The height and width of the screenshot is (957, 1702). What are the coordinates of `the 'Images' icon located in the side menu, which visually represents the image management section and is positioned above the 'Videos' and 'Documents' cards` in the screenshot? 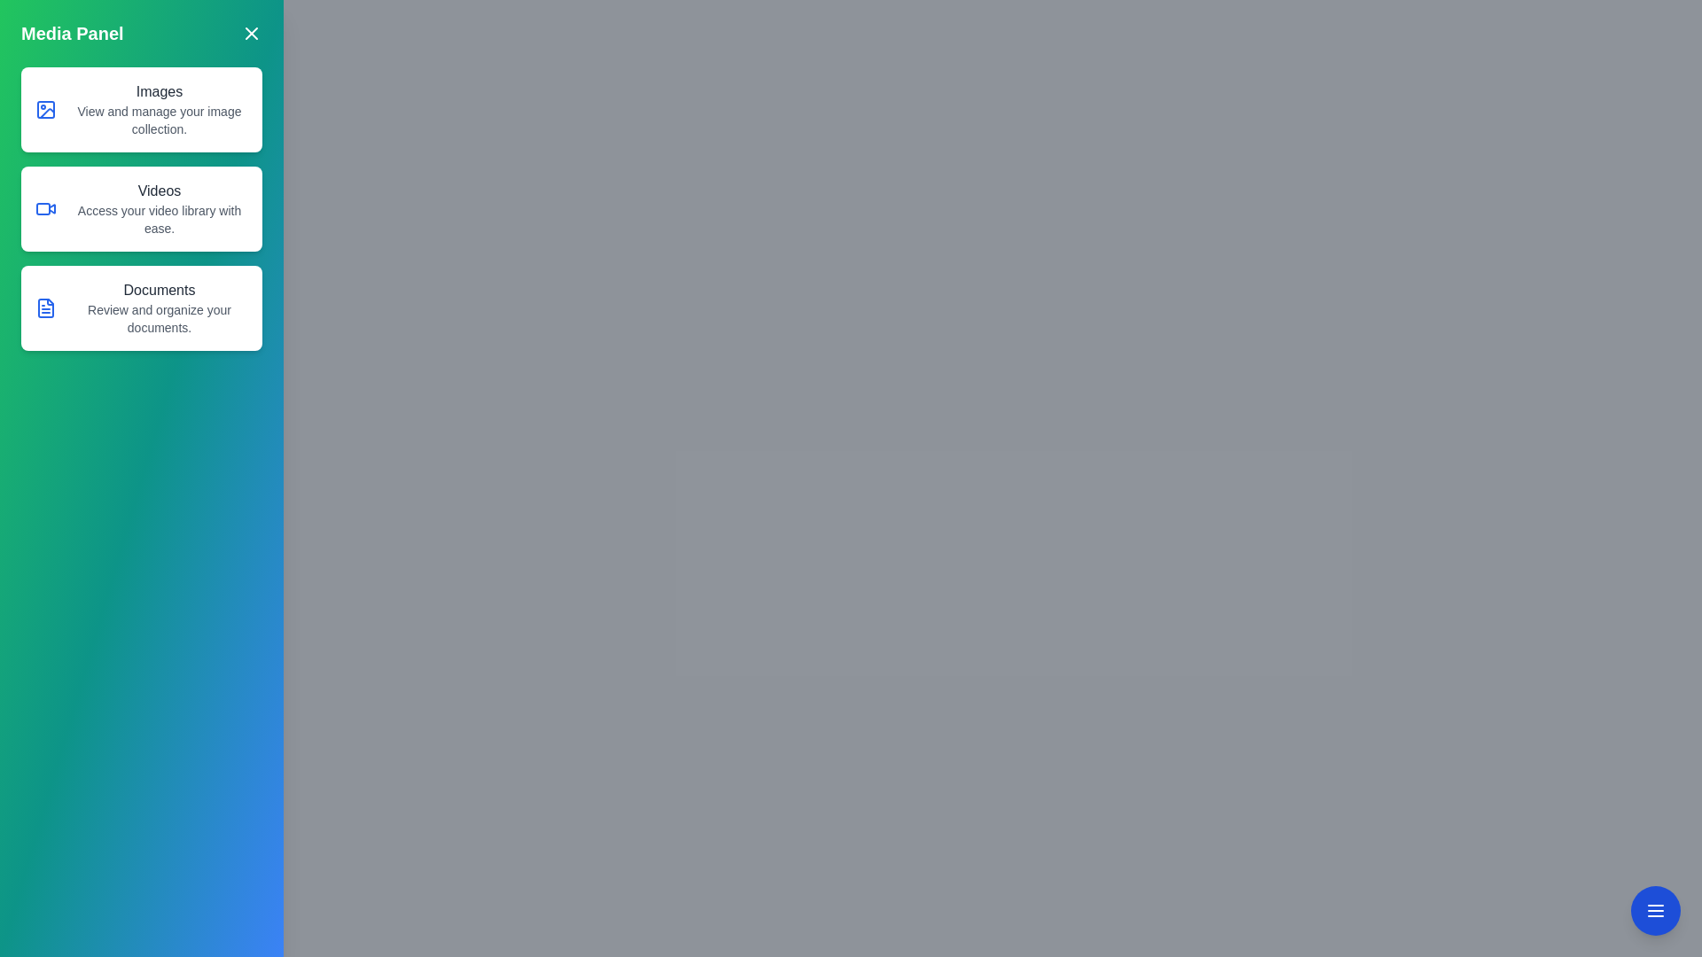 It's located at (46, 109).